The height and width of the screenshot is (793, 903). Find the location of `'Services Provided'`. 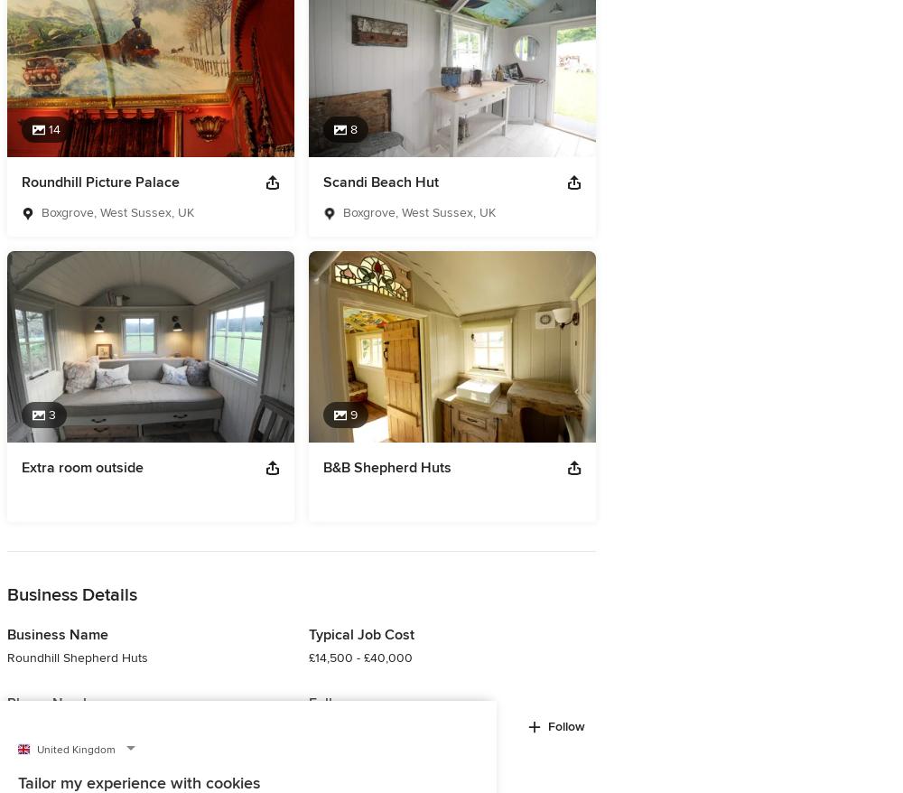

'Services Provided' is located at coordinates (79, 93).